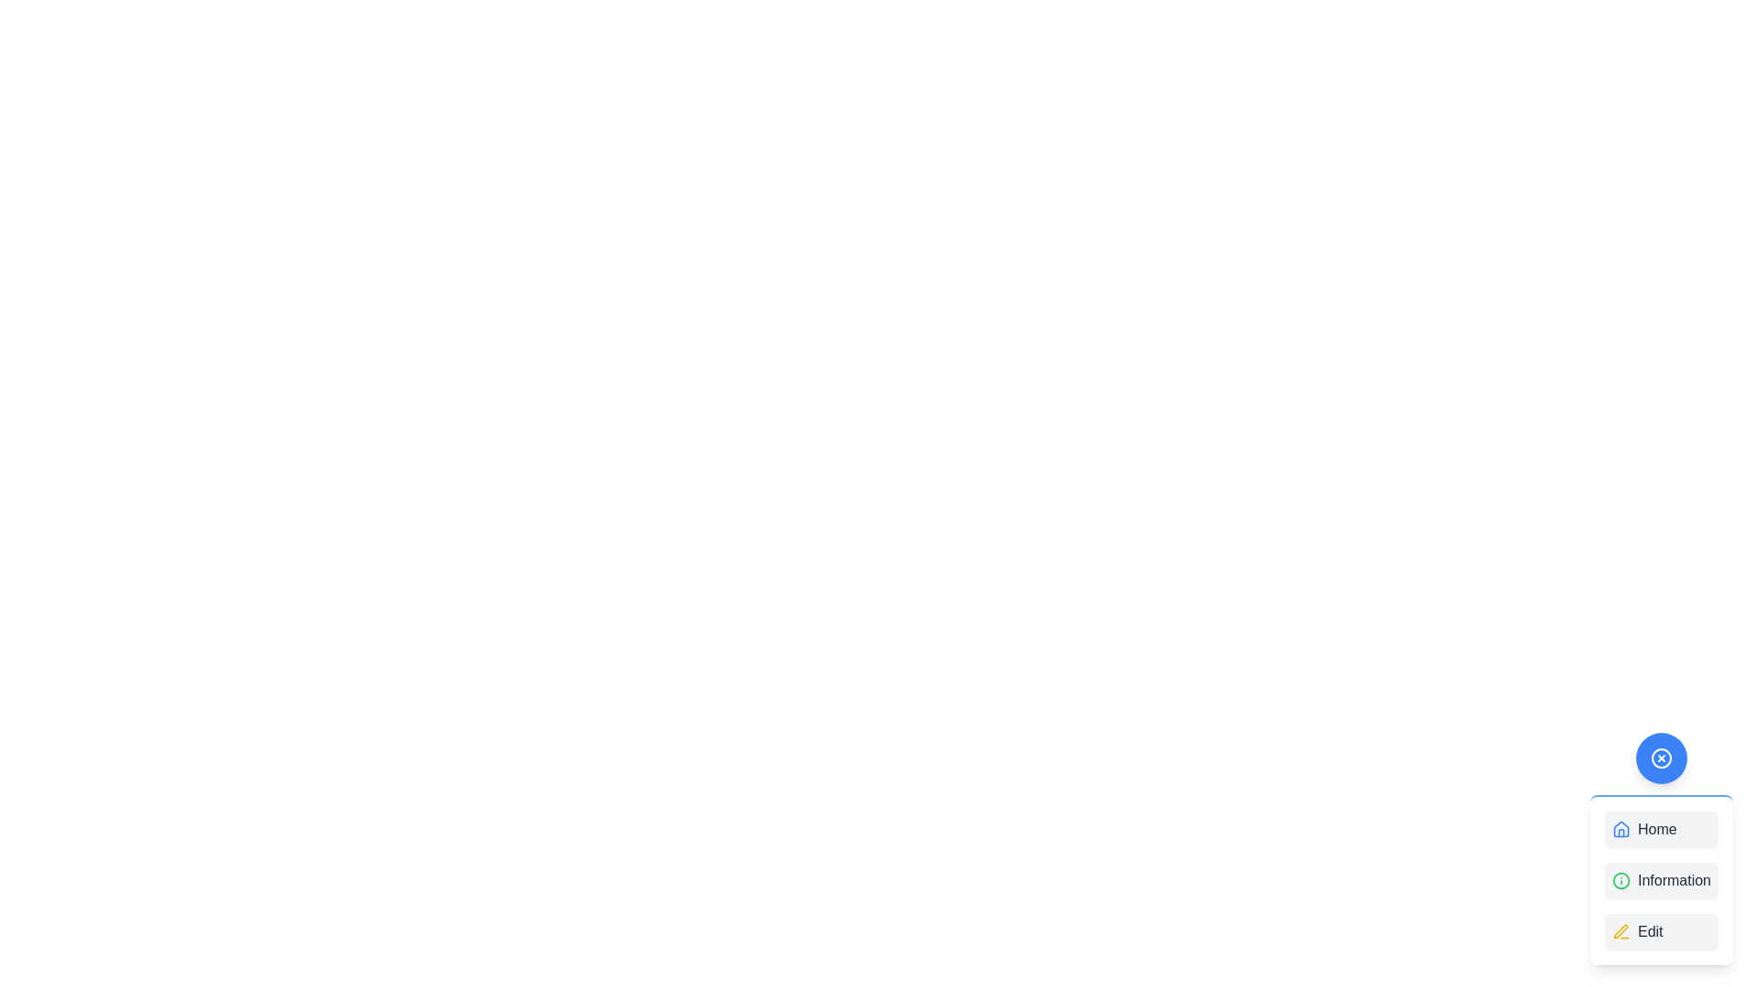  What do you see at coordinates (1662, 879) in the screenshot?
I see `the 'Information' button with a green circle icon and text located in the vertical list of options` at bounding box center [1662, 879].